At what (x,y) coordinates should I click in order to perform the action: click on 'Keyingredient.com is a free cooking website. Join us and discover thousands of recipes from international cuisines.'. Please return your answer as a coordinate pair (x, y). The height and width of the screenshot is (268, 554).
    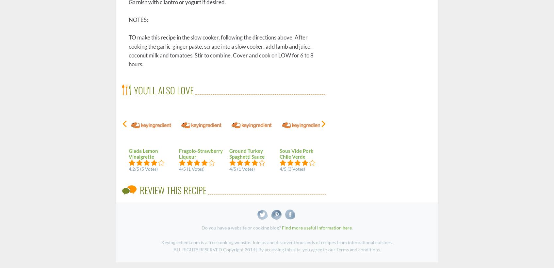
    Looking at the image, I should click on (277, 242).